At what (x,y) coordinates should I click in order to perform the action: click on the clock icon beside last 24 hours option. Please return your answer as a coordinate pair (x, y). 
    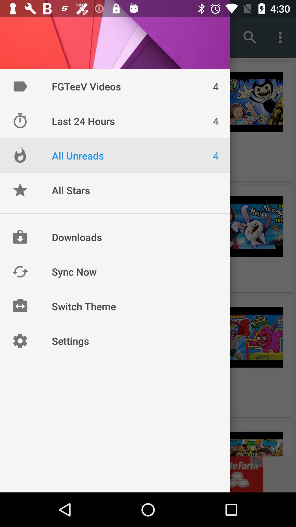
    Looking at the image, I should click on (20, 121).